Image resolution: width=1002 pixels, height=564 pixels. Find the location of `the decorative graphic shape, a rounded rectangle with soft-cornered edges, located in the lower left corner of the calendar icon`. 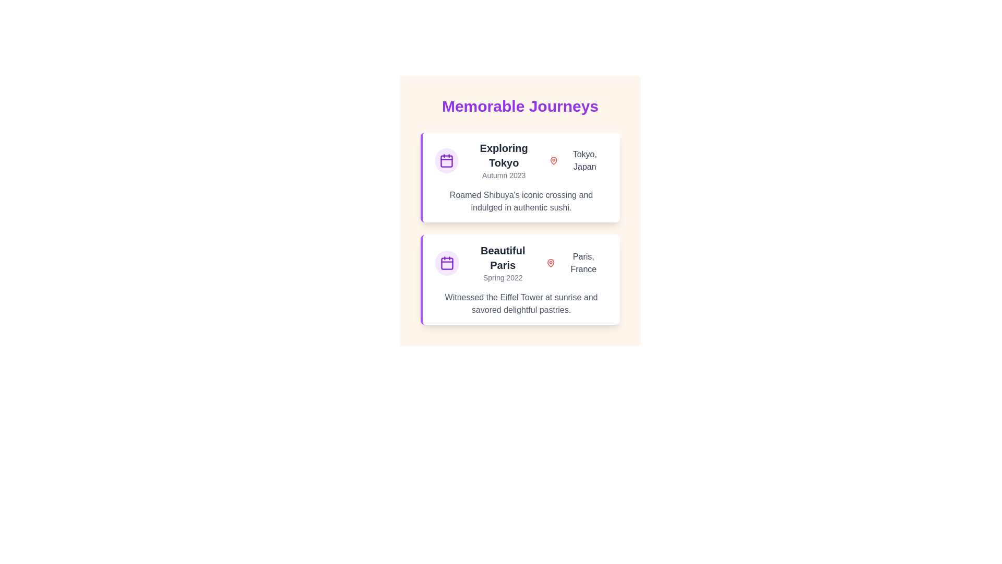

the decorative graphic shape, a rounded rectangle with soft-cornered edges, located in the lower left corner of the calendar icon is located at coordinates (447, 263).